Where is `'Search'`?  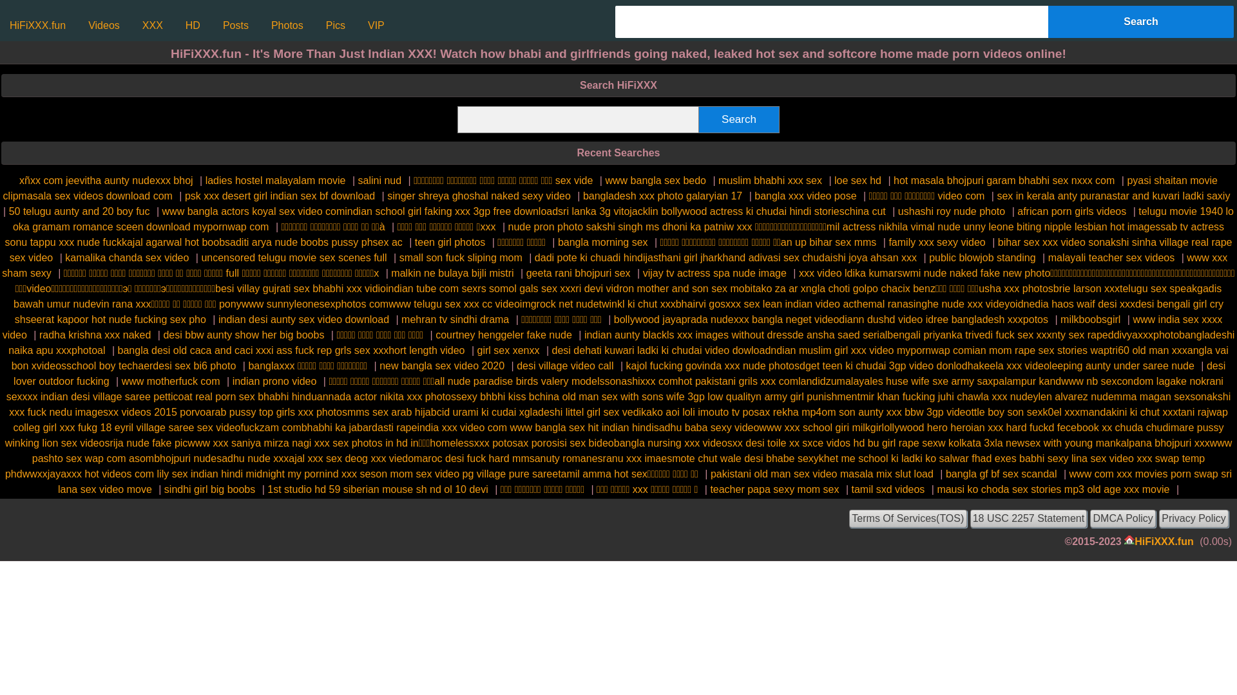
'Search' is located at coordinates (1141, 22).